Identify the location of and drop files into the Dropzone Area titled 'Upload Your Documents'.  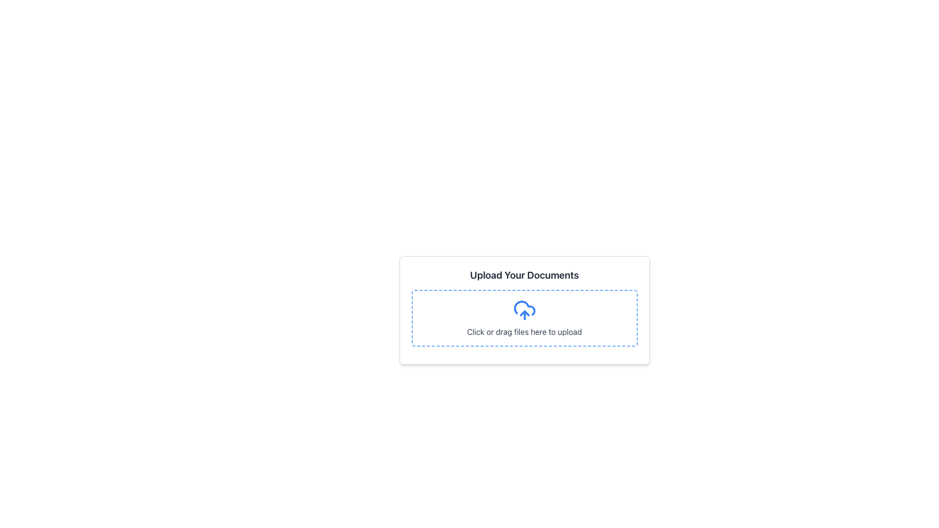
(524, 318).